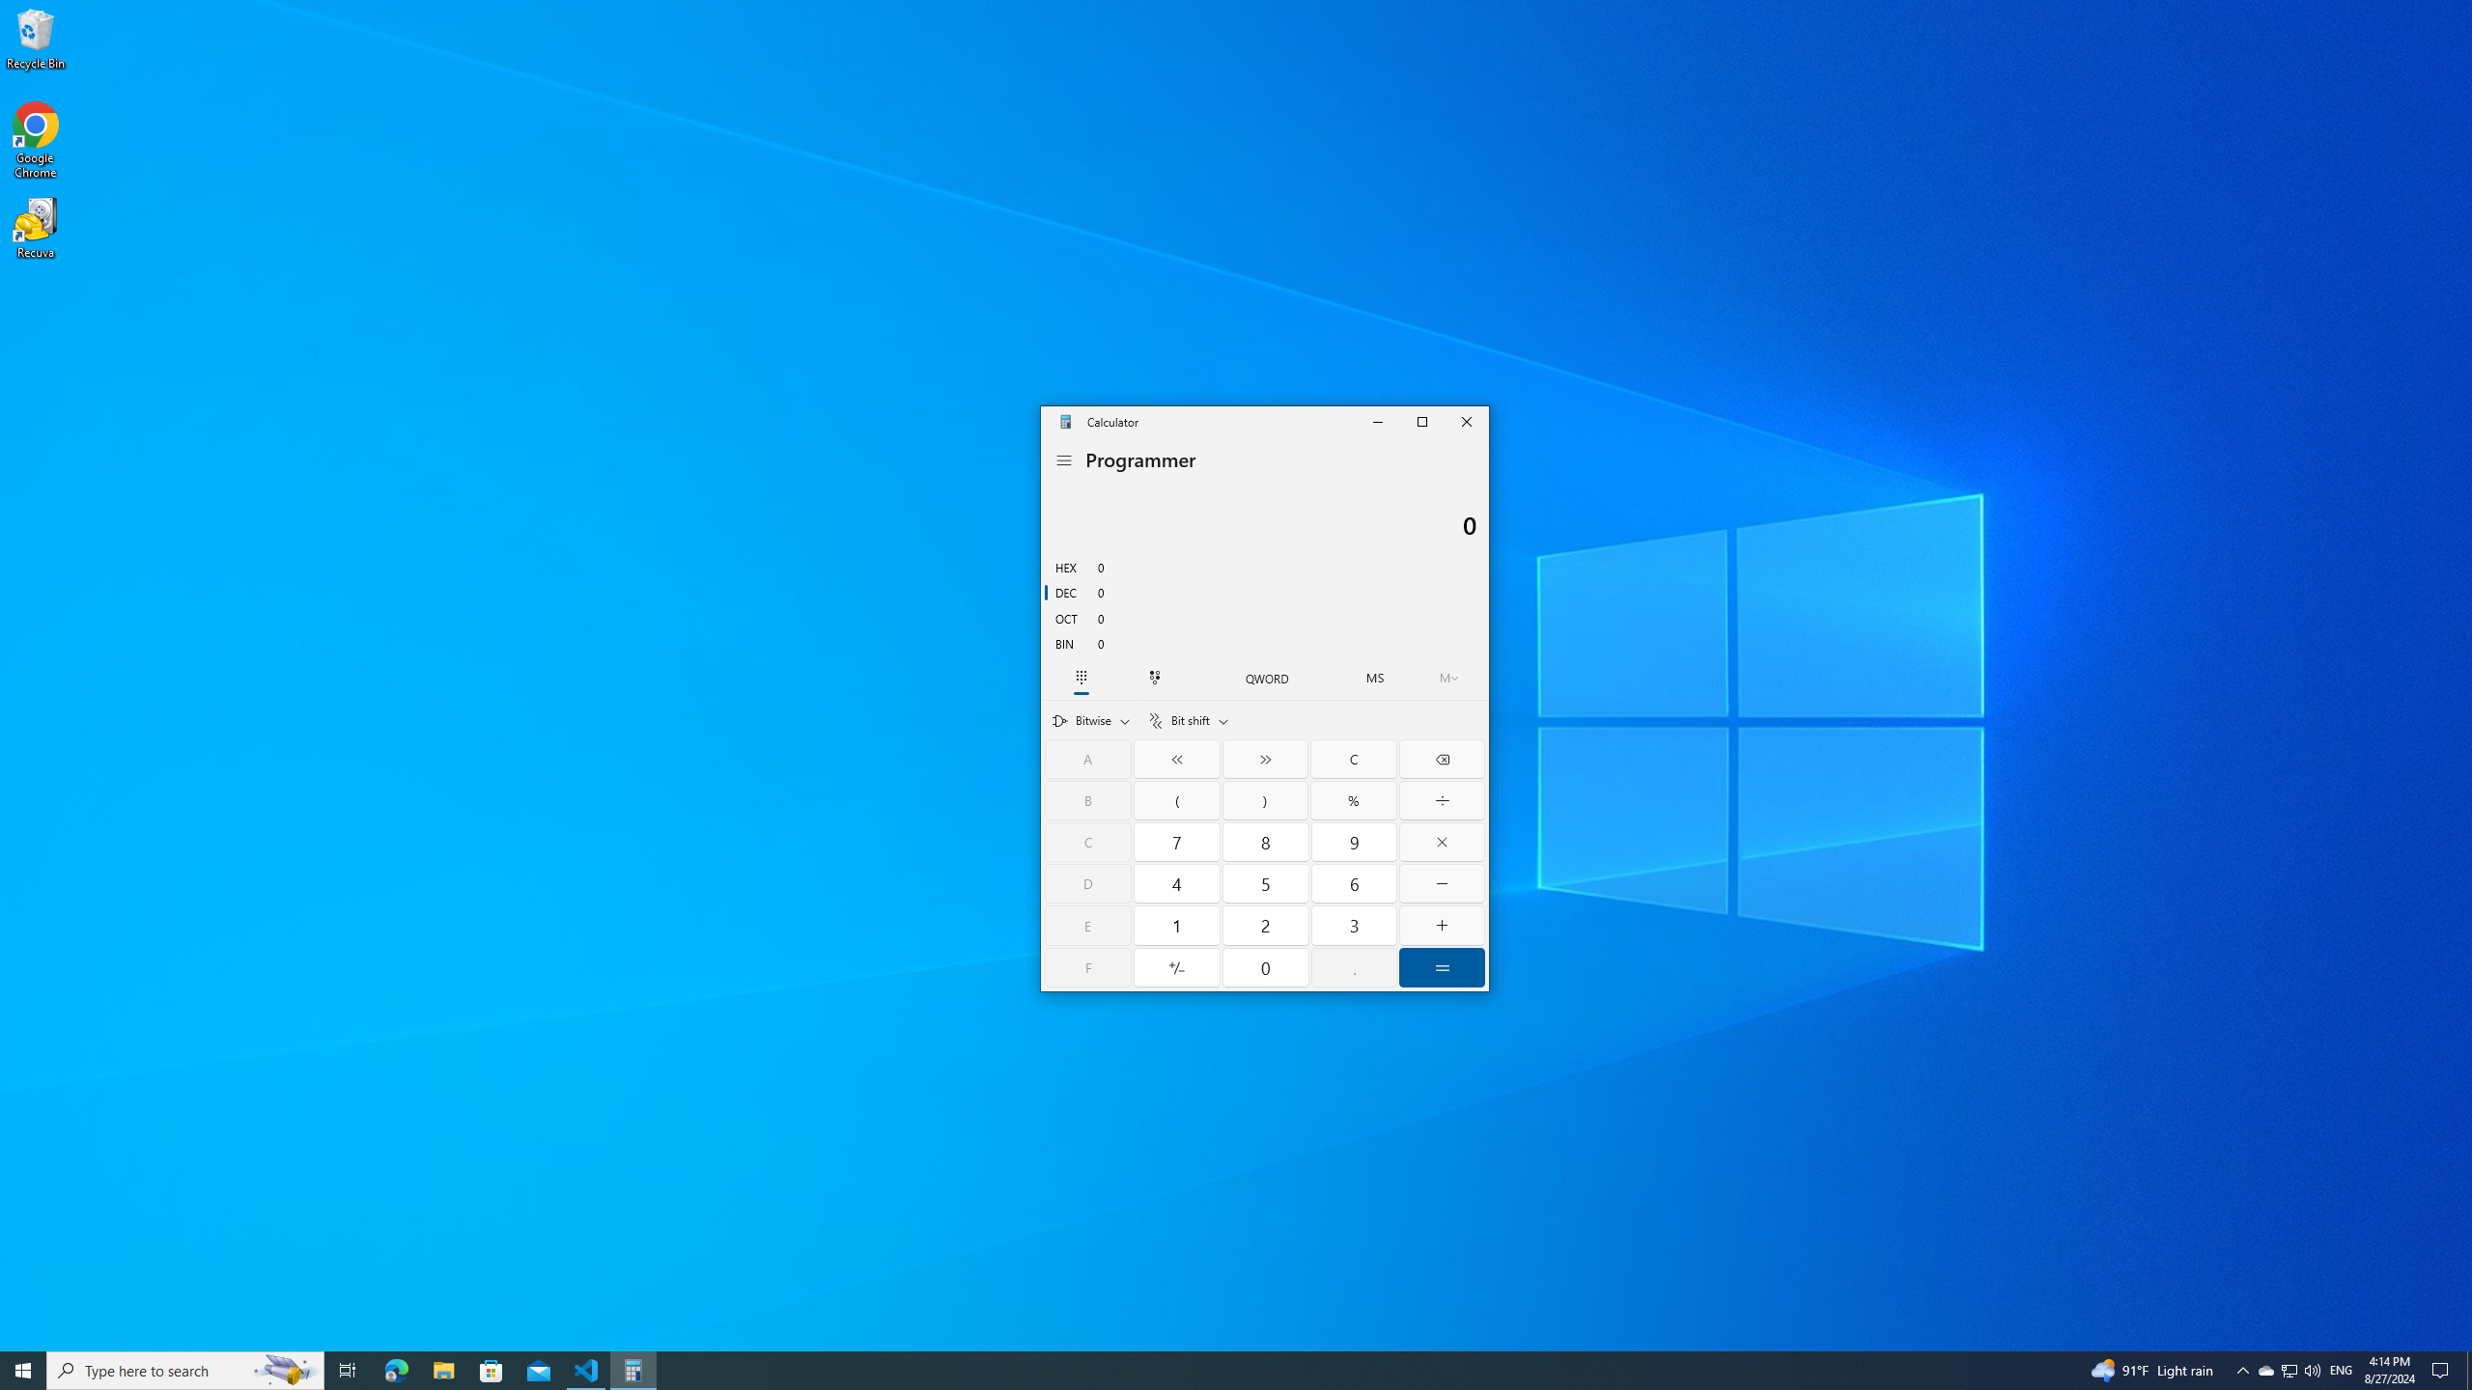  Describe the element at coordinates (1353, 925) in the screenshot. I see `'Three'` at that location.